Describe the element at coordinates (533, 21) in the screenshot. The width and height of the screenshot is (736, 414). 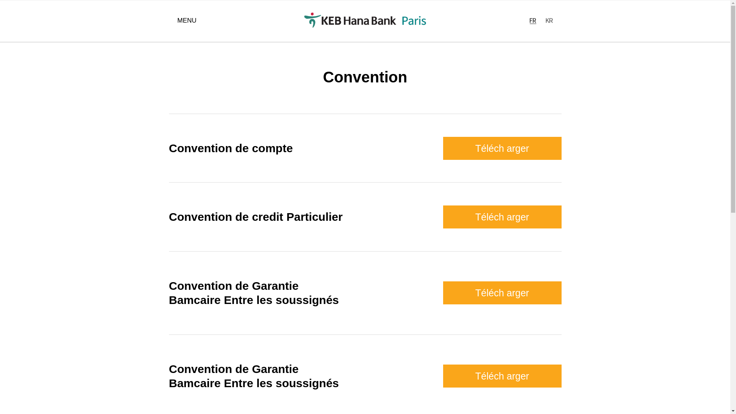
I see `'EN'` at that location.